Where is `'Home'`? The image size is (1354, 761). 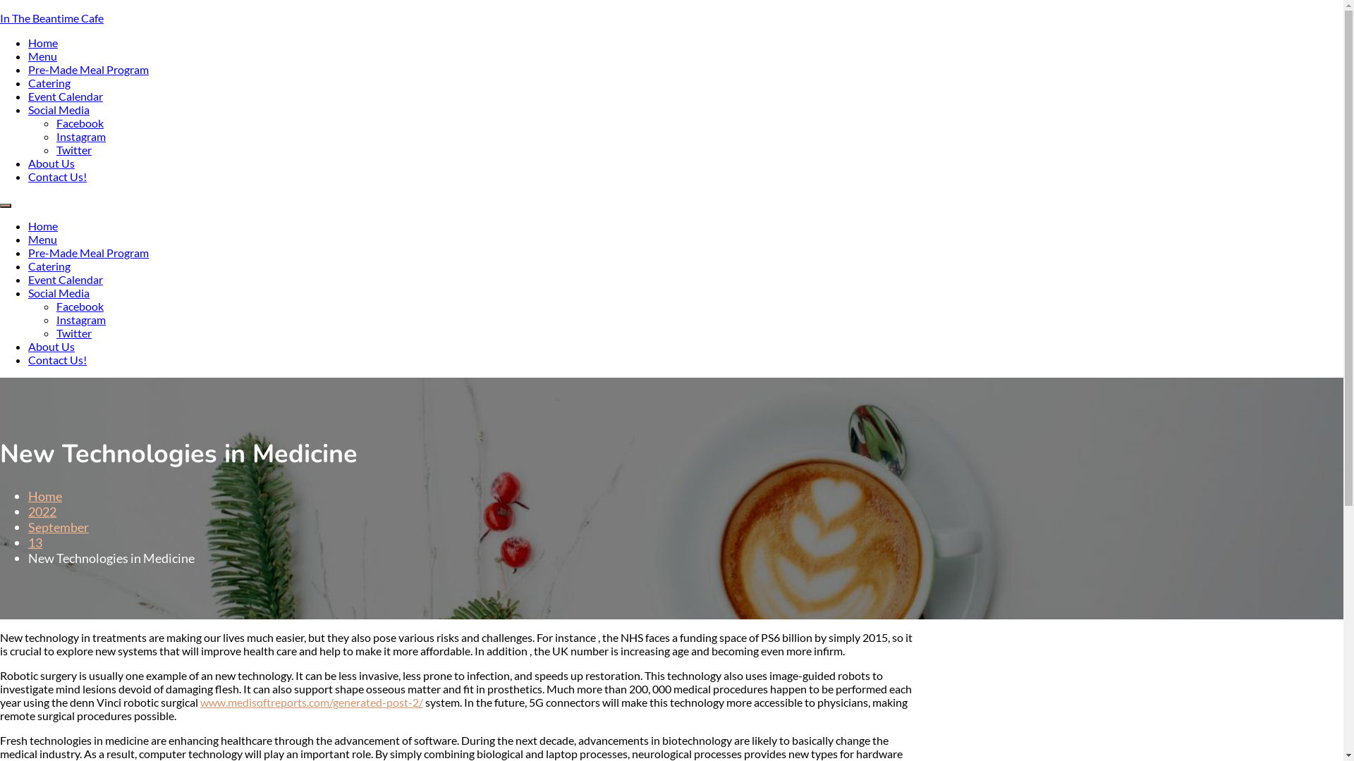
'Home' is located at coordinates (28, 225).